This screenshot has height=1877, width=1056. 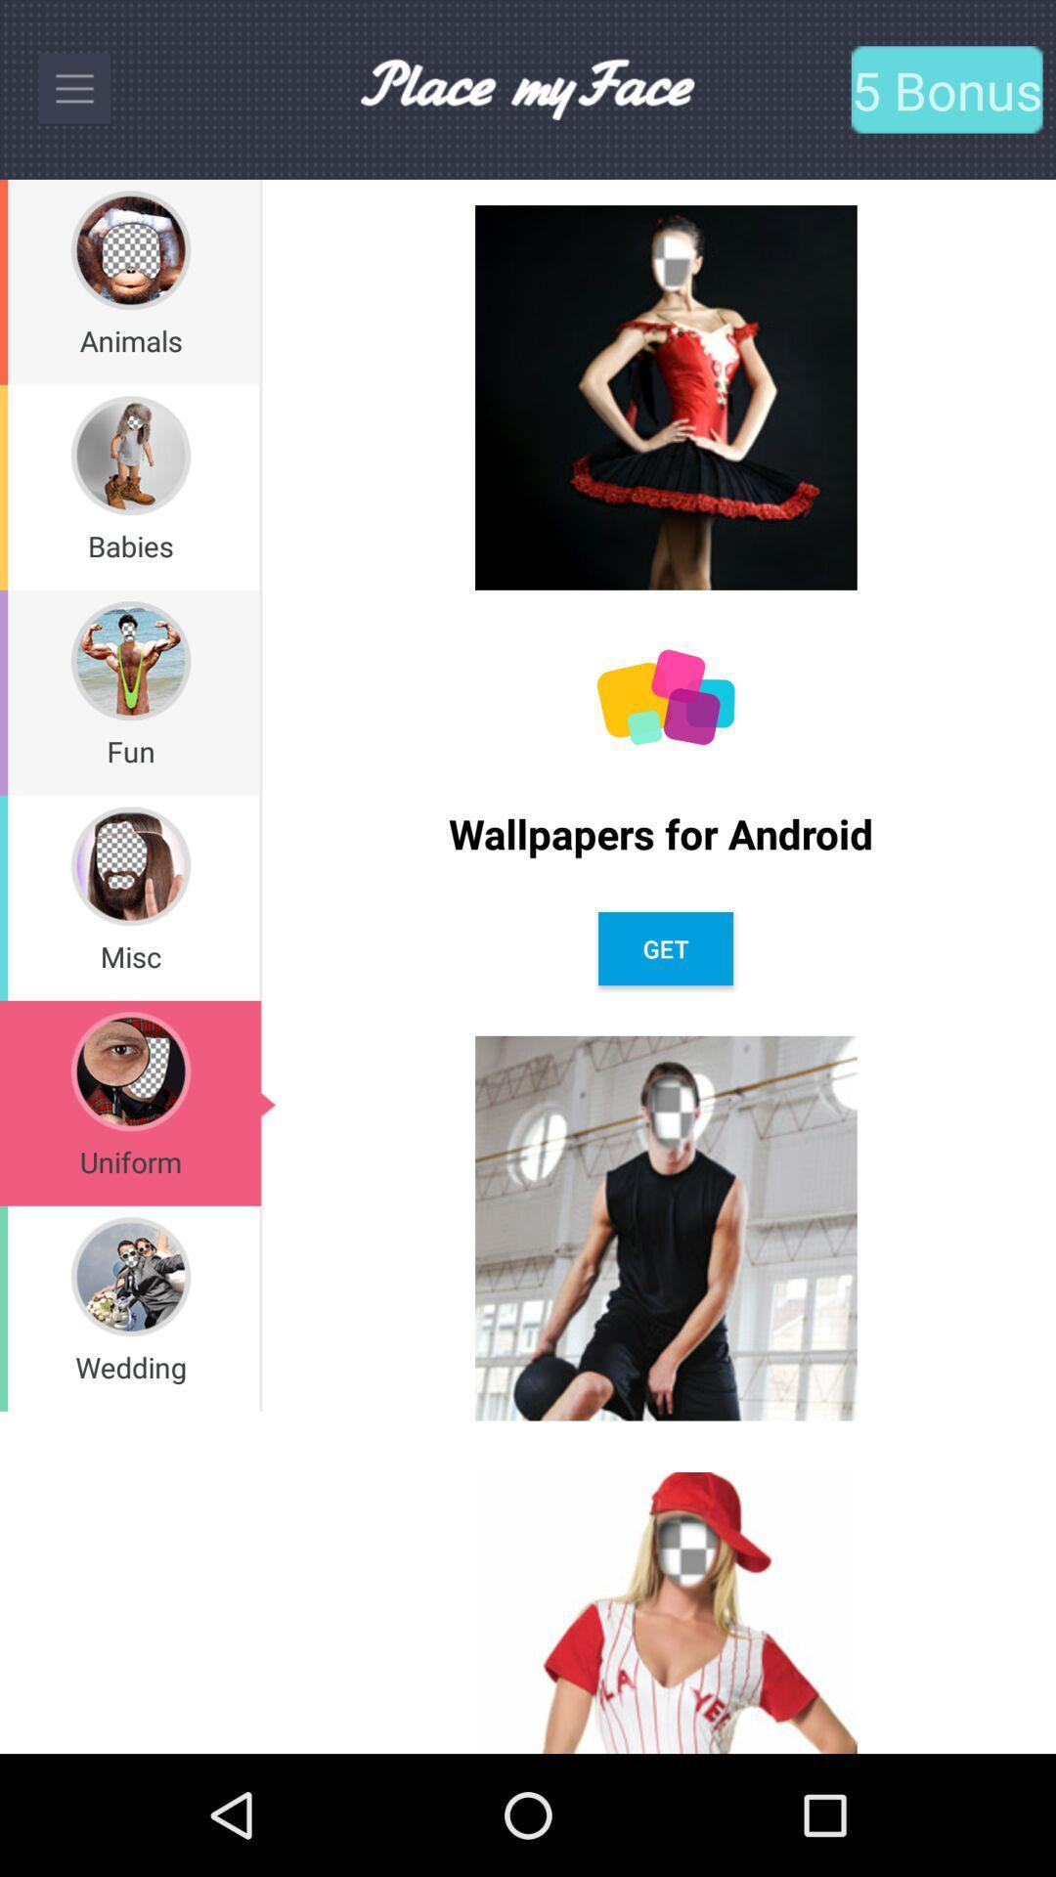 I want to click on the get, so click(x=665, y=948).